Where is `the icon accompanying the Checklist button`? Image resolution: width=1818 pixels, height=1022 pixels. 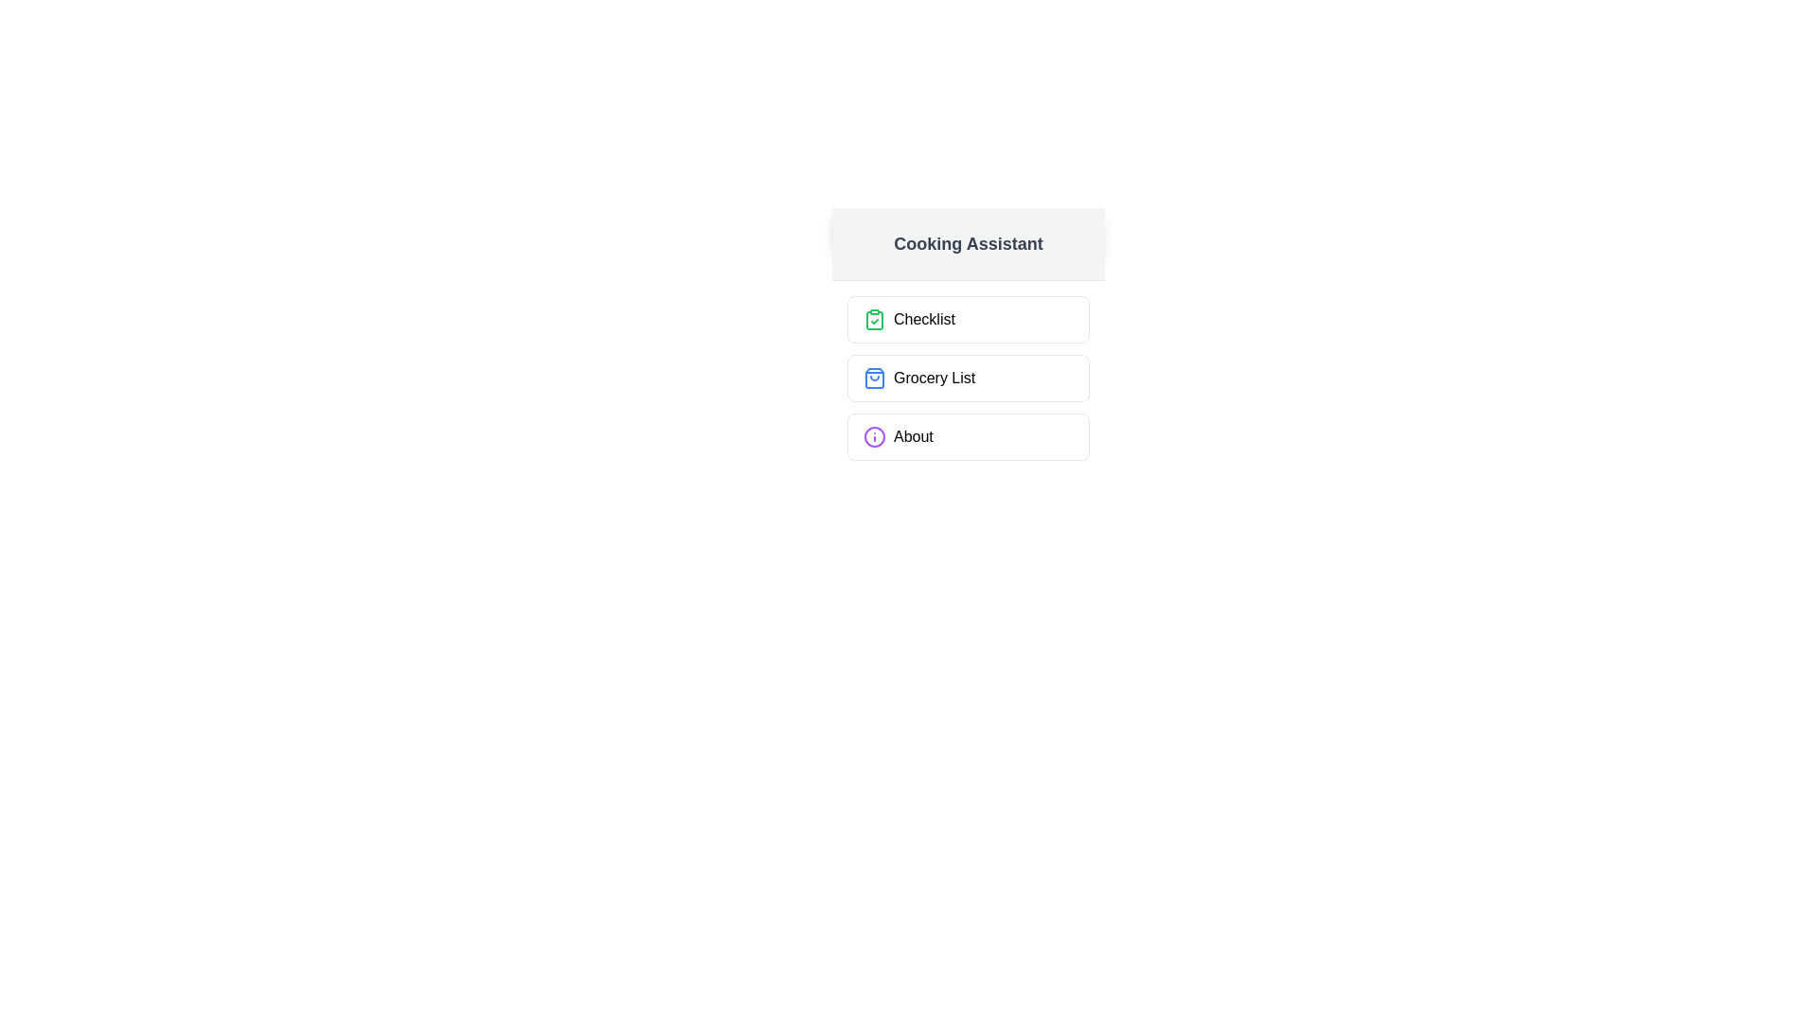 the icon accompanying the Checklist button is located at coordinates (874, 319).